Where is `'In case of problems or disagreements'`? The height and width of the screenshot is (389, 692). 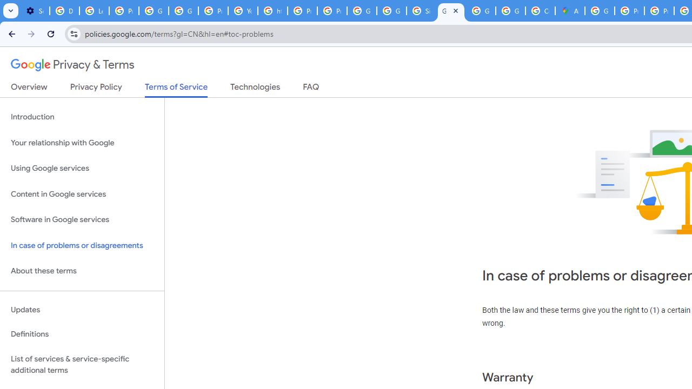 'In case of problems or disagreements' is located at coordinates (82, 245).